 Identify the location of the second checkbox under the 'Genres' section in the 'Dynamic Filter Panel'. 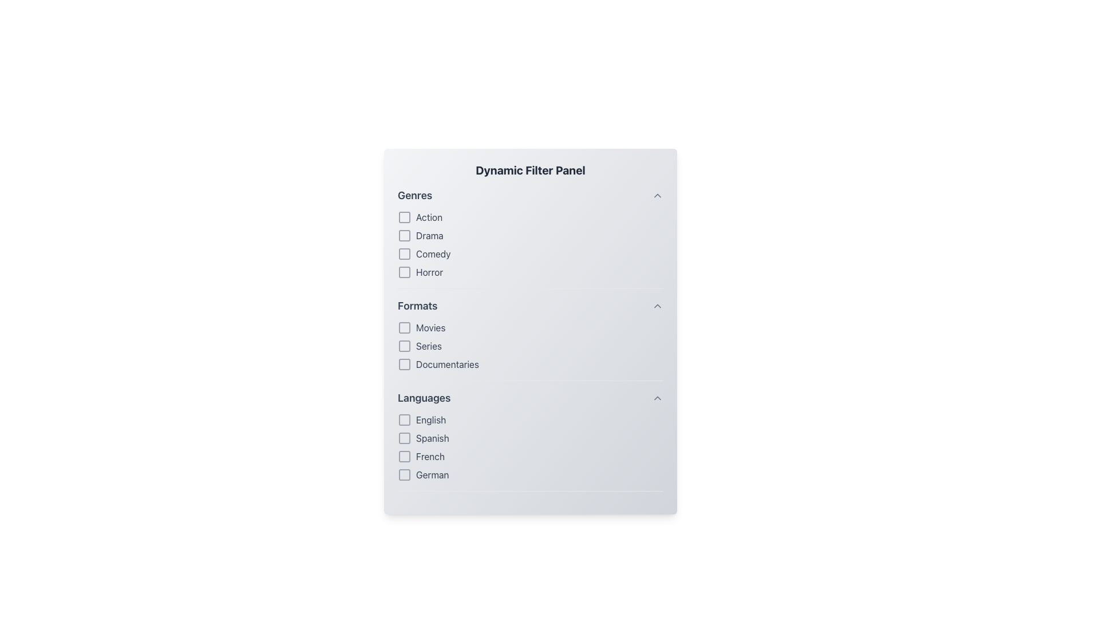
(404, 235).